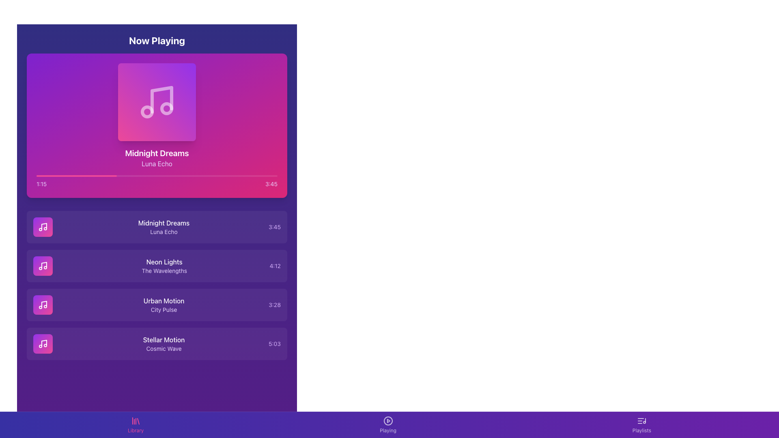 Image resolution: width=779 pixels, height=438 pixels. I want to click on the square icon with a gradient background and a white musical note in the bottom-most row of the left panel, so click(42, 344).